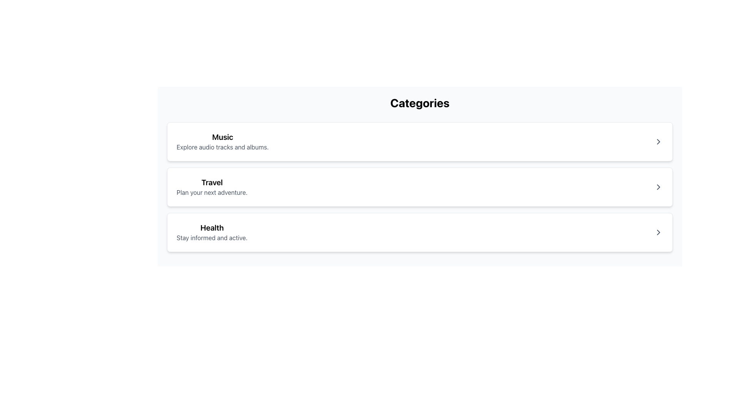 This screenshot has width=739, height=415. Describe the element at coordinates (212, 237) in the screenshot. I see `the text label that says 'Stay informed and active.' located beneath the heading 'Health' in the third card of the vertical list` at that location.